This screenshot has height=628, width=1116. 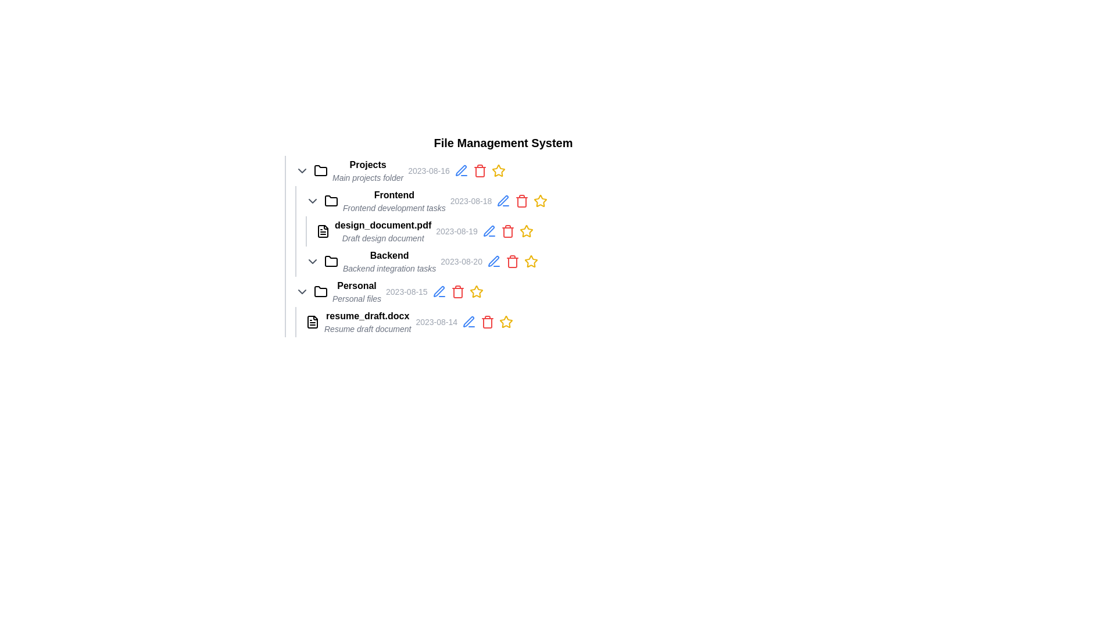 I want to click on the text label displaying the date '2023-08-20', which is styled in gray color and located at the right end of the row corresponding to the 'Backend' folder, so click(x=461, y=262).